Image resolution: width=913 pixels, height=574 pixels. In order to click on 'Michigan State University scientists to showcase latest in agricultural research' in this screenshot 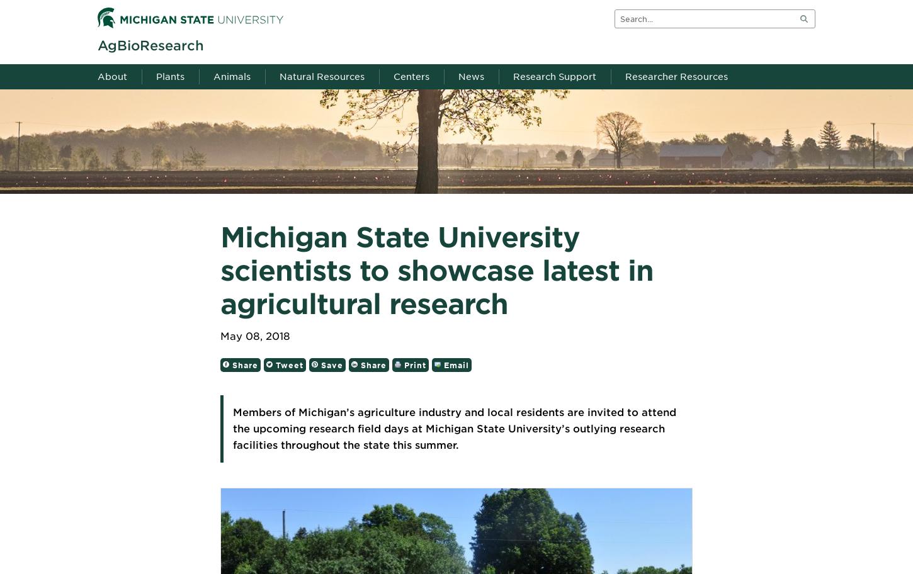, I will do `click(436, 270)`.